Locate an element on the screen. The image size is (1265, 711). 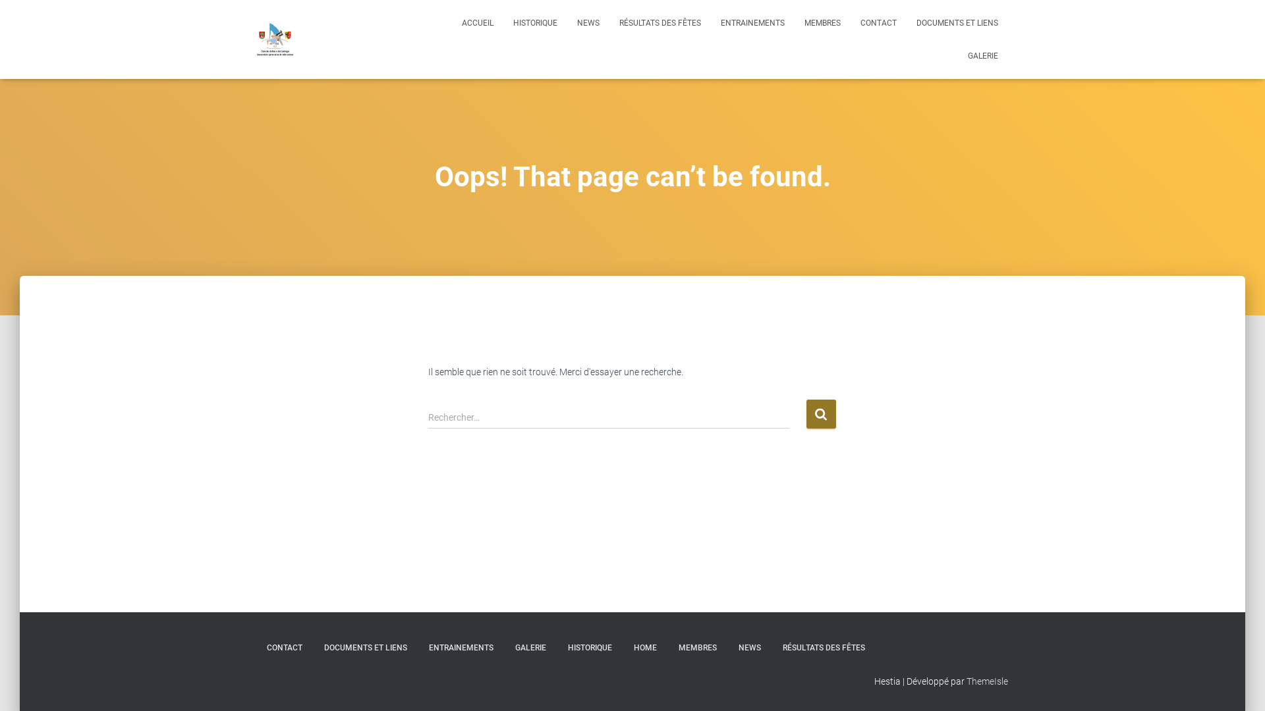
'DOCUMENTS ET LIENS' is located at coordinates (313, 647).